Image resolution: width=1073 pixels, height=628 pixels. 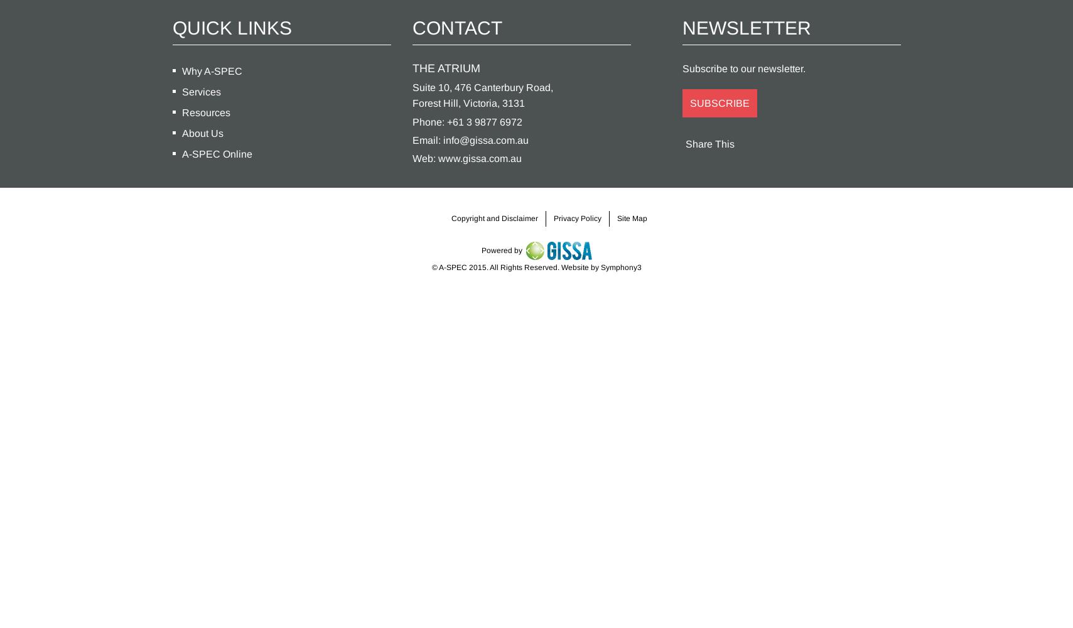 I want to click on 'Services', so click(x=180, y=91).